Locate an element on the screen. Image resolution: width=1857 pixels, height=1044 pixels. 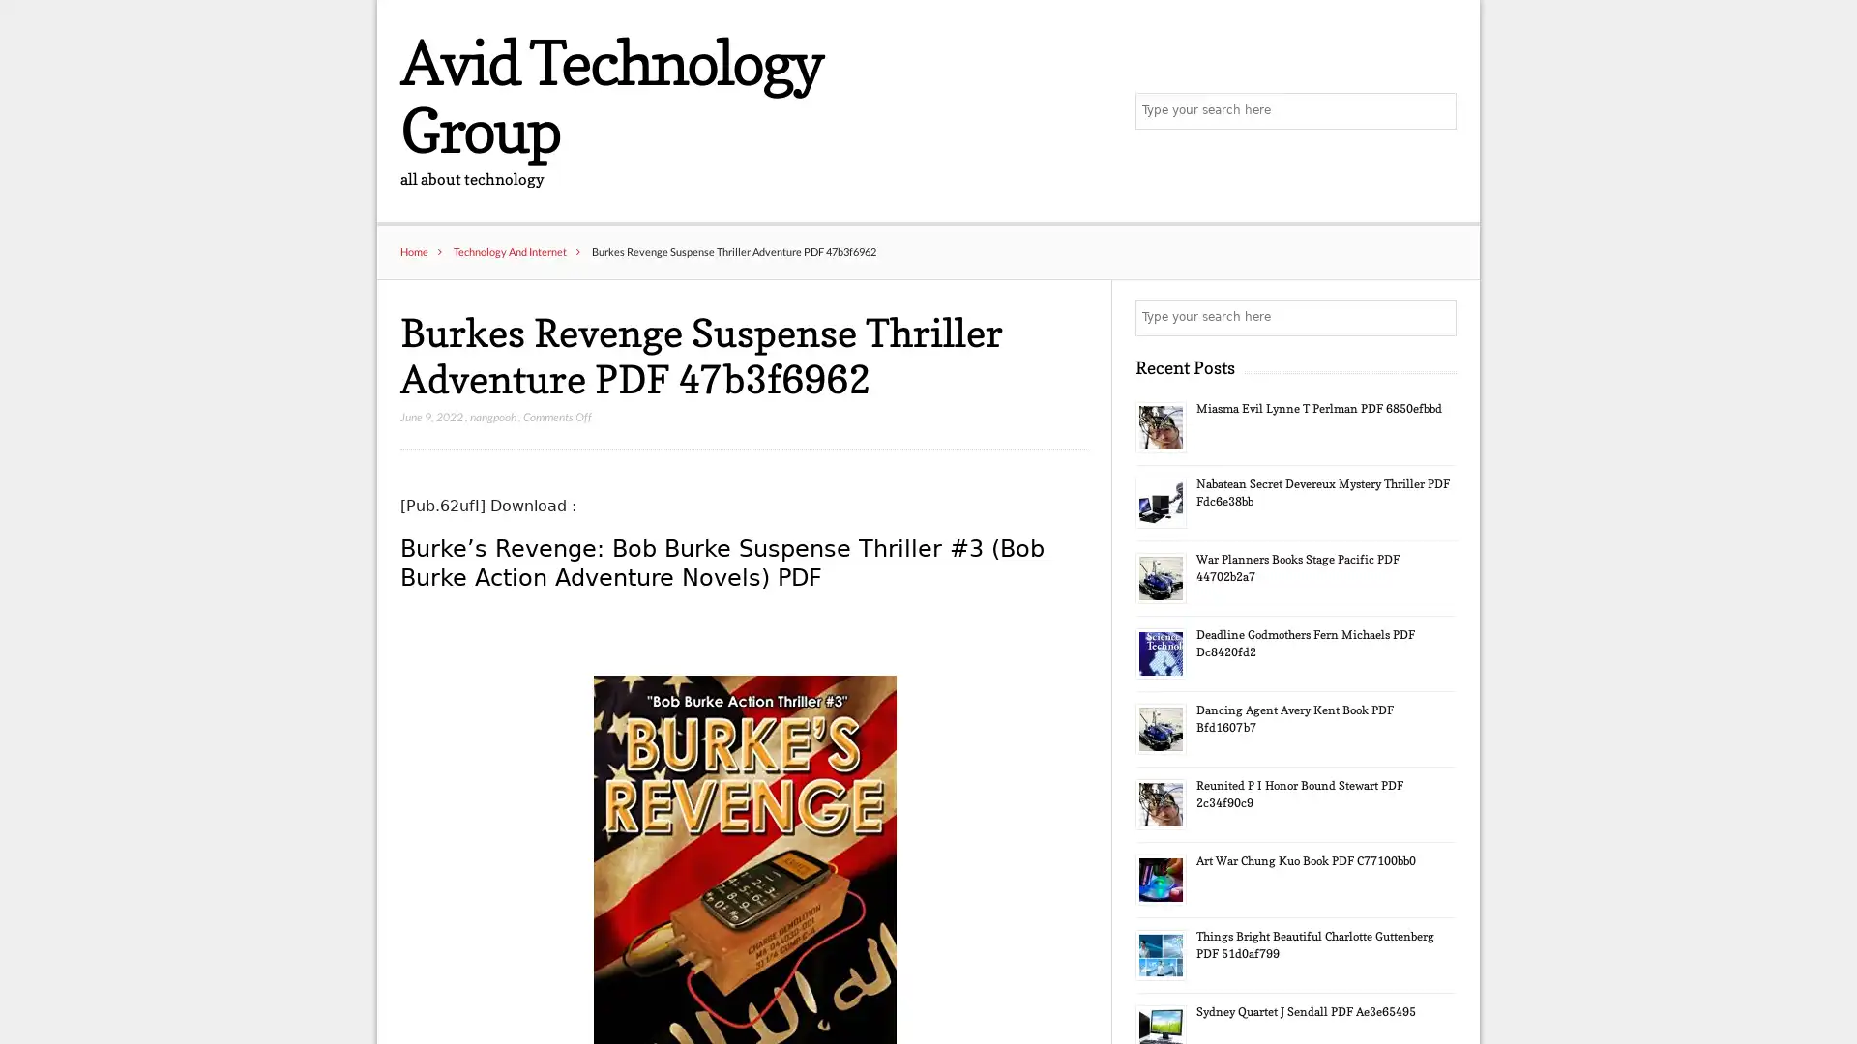
Search is located at coordinates (1436, 318).